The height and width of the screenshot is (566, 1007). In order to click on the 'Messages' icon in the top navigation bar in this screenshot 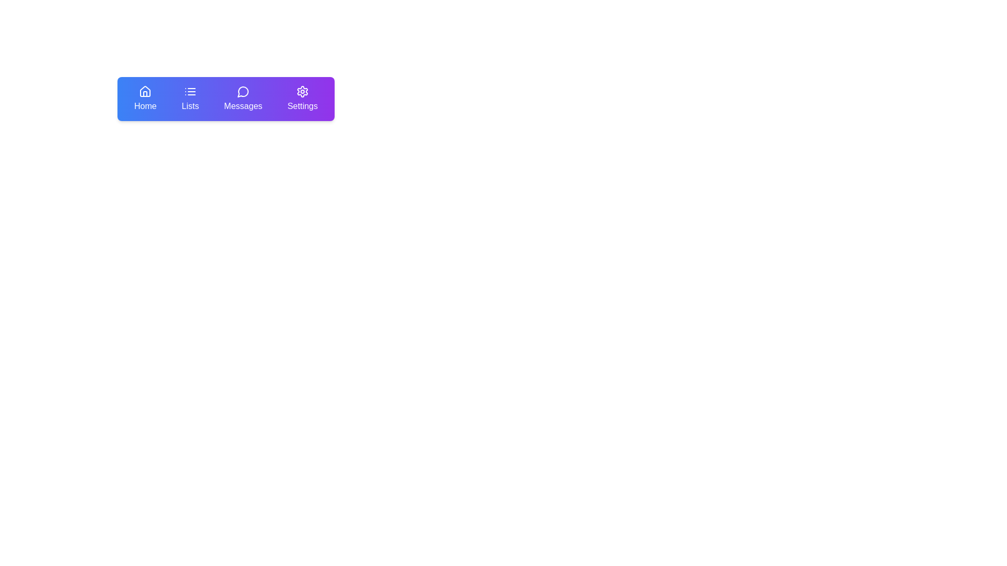, I will do `click(242, 91)`.